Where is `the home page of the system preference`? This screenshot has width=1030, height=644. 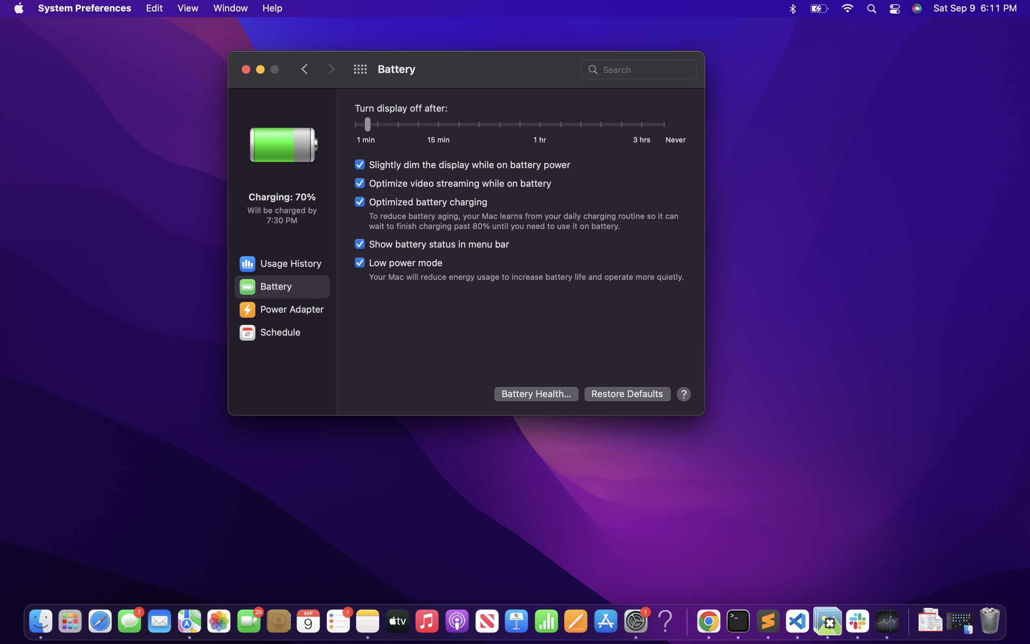
the home page of the system preference is located at coordinates (360, 69).